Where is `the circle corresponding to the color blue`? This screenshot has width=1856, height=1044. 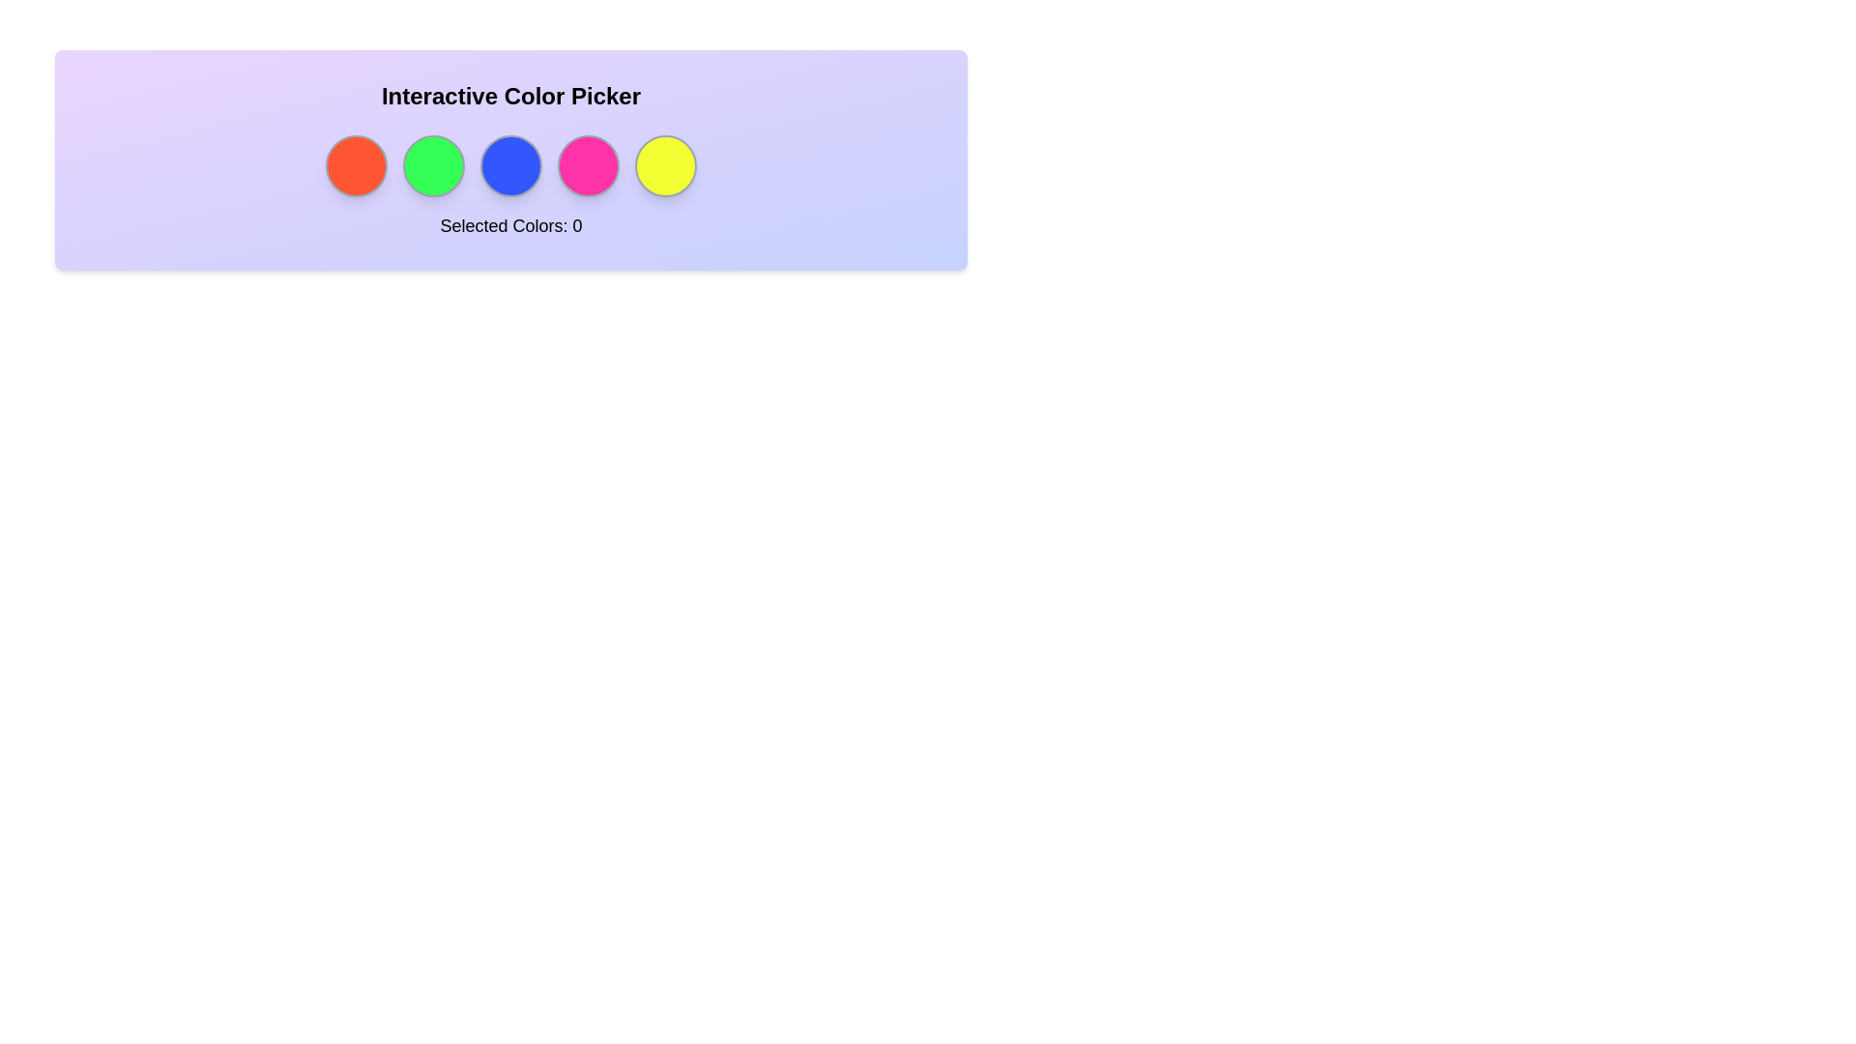 the circle corresponding to the color blue is located at coordinates (510, 165).